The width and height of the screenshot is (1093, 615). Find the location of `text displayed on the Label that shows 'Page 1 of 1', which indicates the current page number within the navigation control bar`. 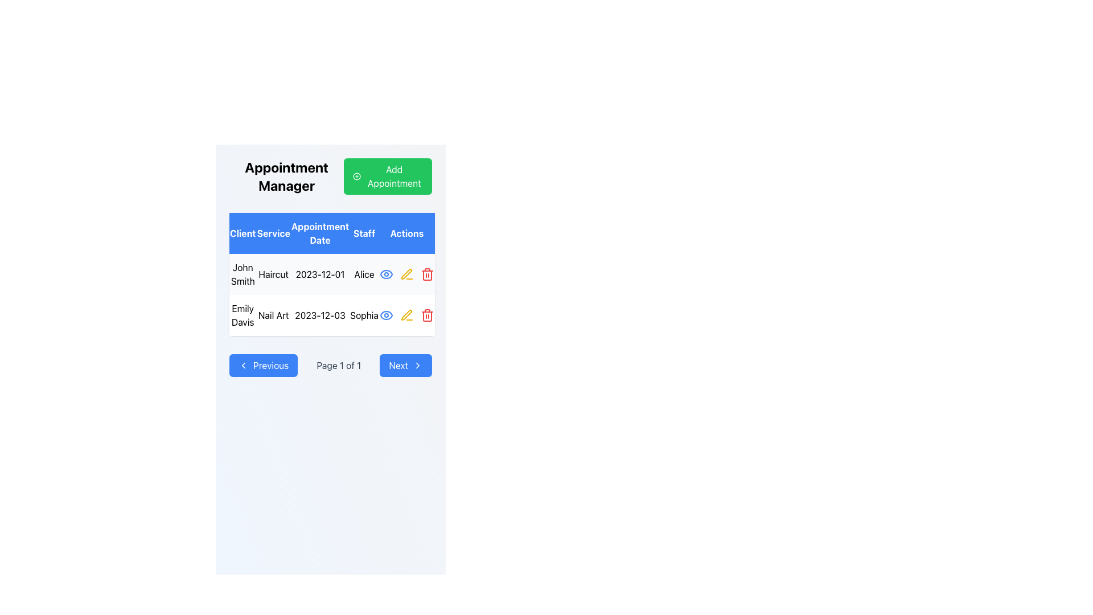

text displayed on the Label that shows 'Page 1 of 1', which indicates the current page number within the navigation control bar is located at coordinates (338, 365).